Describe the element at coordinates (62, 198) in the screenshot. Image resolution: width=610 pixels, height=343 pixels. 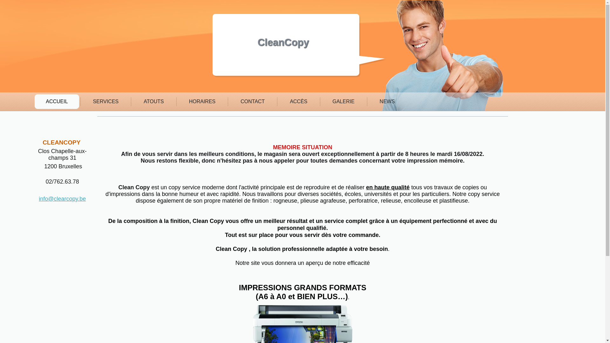
I see `'info@clearcopy.be'` at that location.